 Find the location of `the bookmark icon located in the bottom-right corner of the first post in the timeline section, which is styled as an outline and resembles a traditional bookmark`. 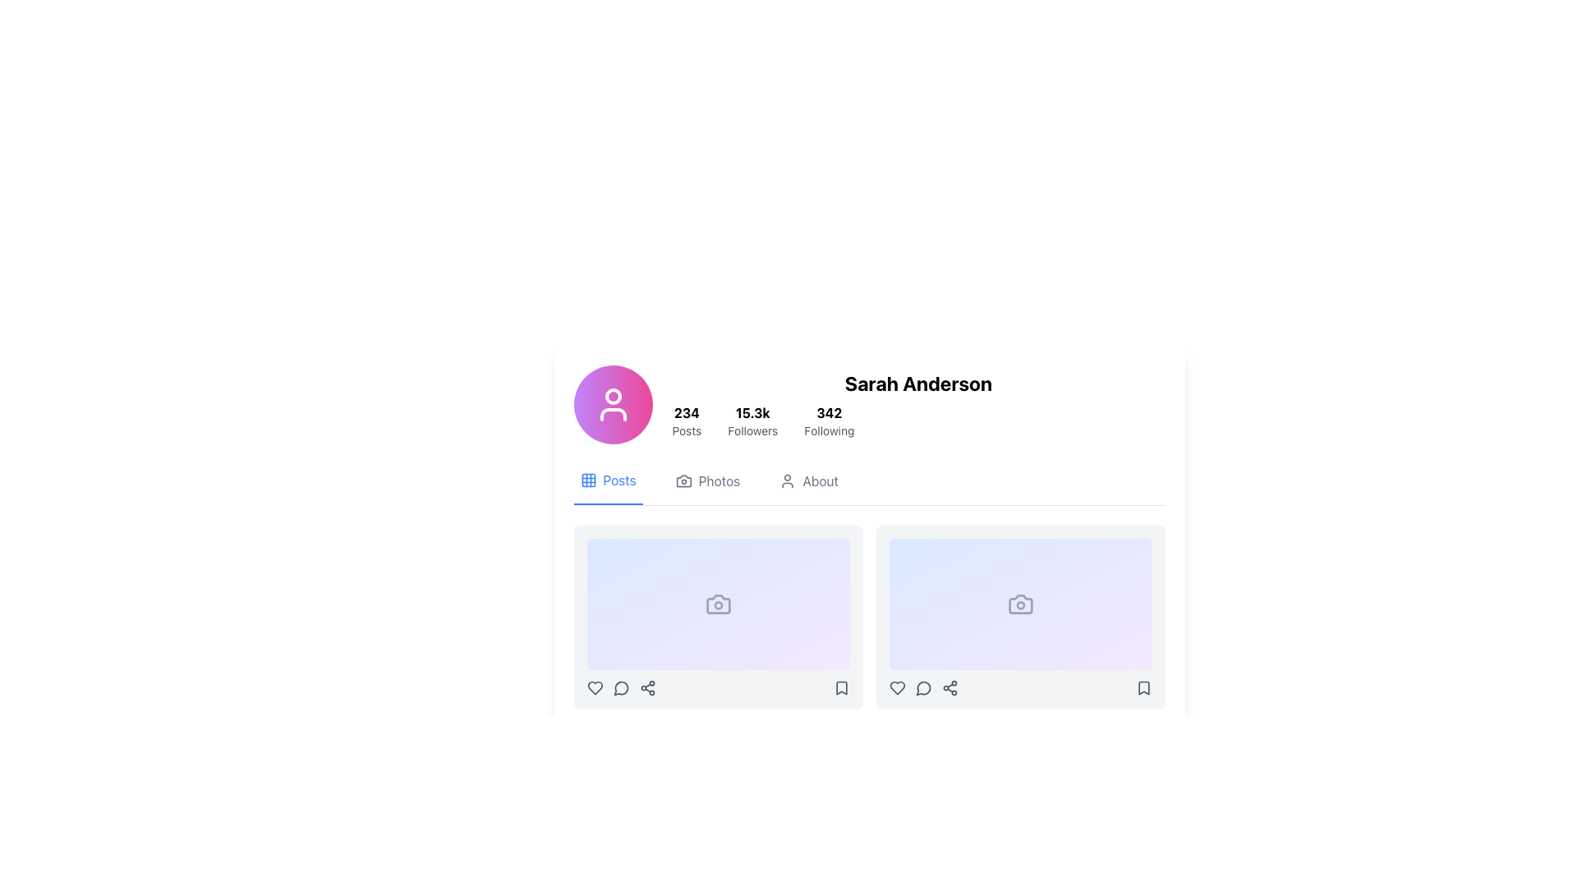

the bookmark icon located in the bottom-right corner of the first post in the timeline section, which is styled as an outline and resembles a traditional bookmark is located at coordinates (841, 687).